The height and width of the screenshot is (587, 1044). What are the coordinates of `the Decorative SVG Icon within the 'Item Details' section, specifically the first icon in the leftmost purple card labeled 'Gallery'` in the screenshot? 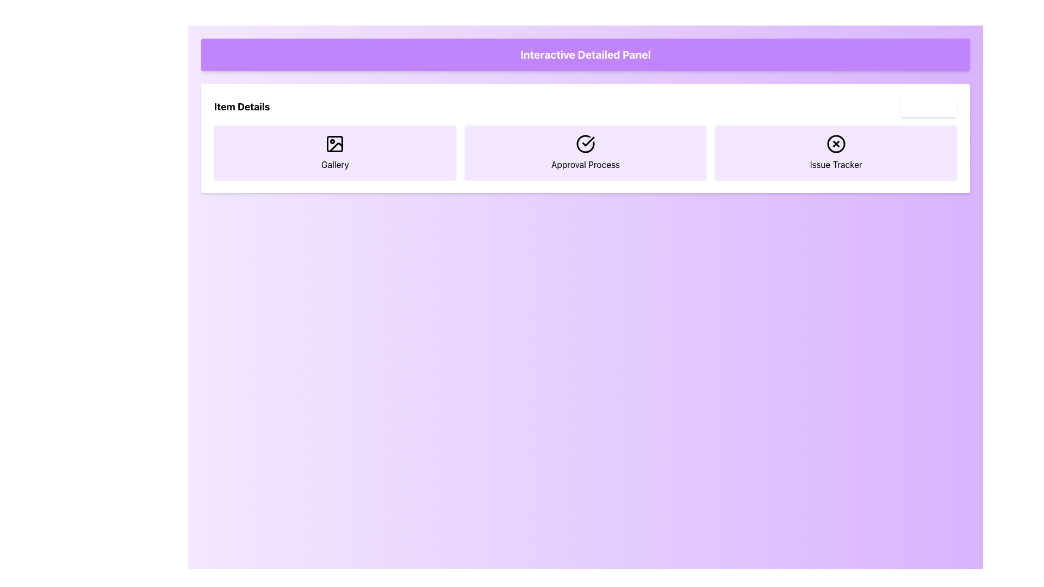 It's located at (334, 143).